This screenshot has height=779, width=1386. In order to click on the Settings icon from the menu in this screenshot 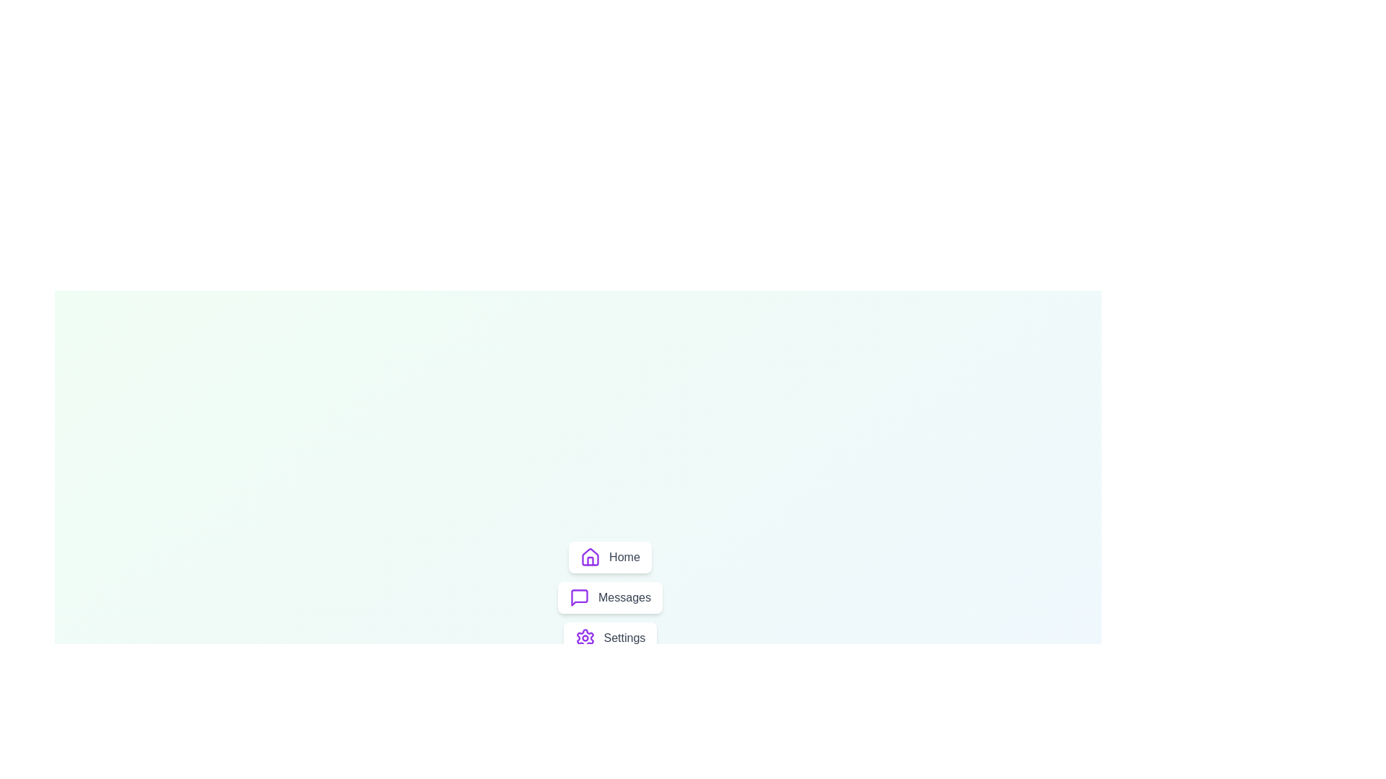, I will do `click(585, 637)`.